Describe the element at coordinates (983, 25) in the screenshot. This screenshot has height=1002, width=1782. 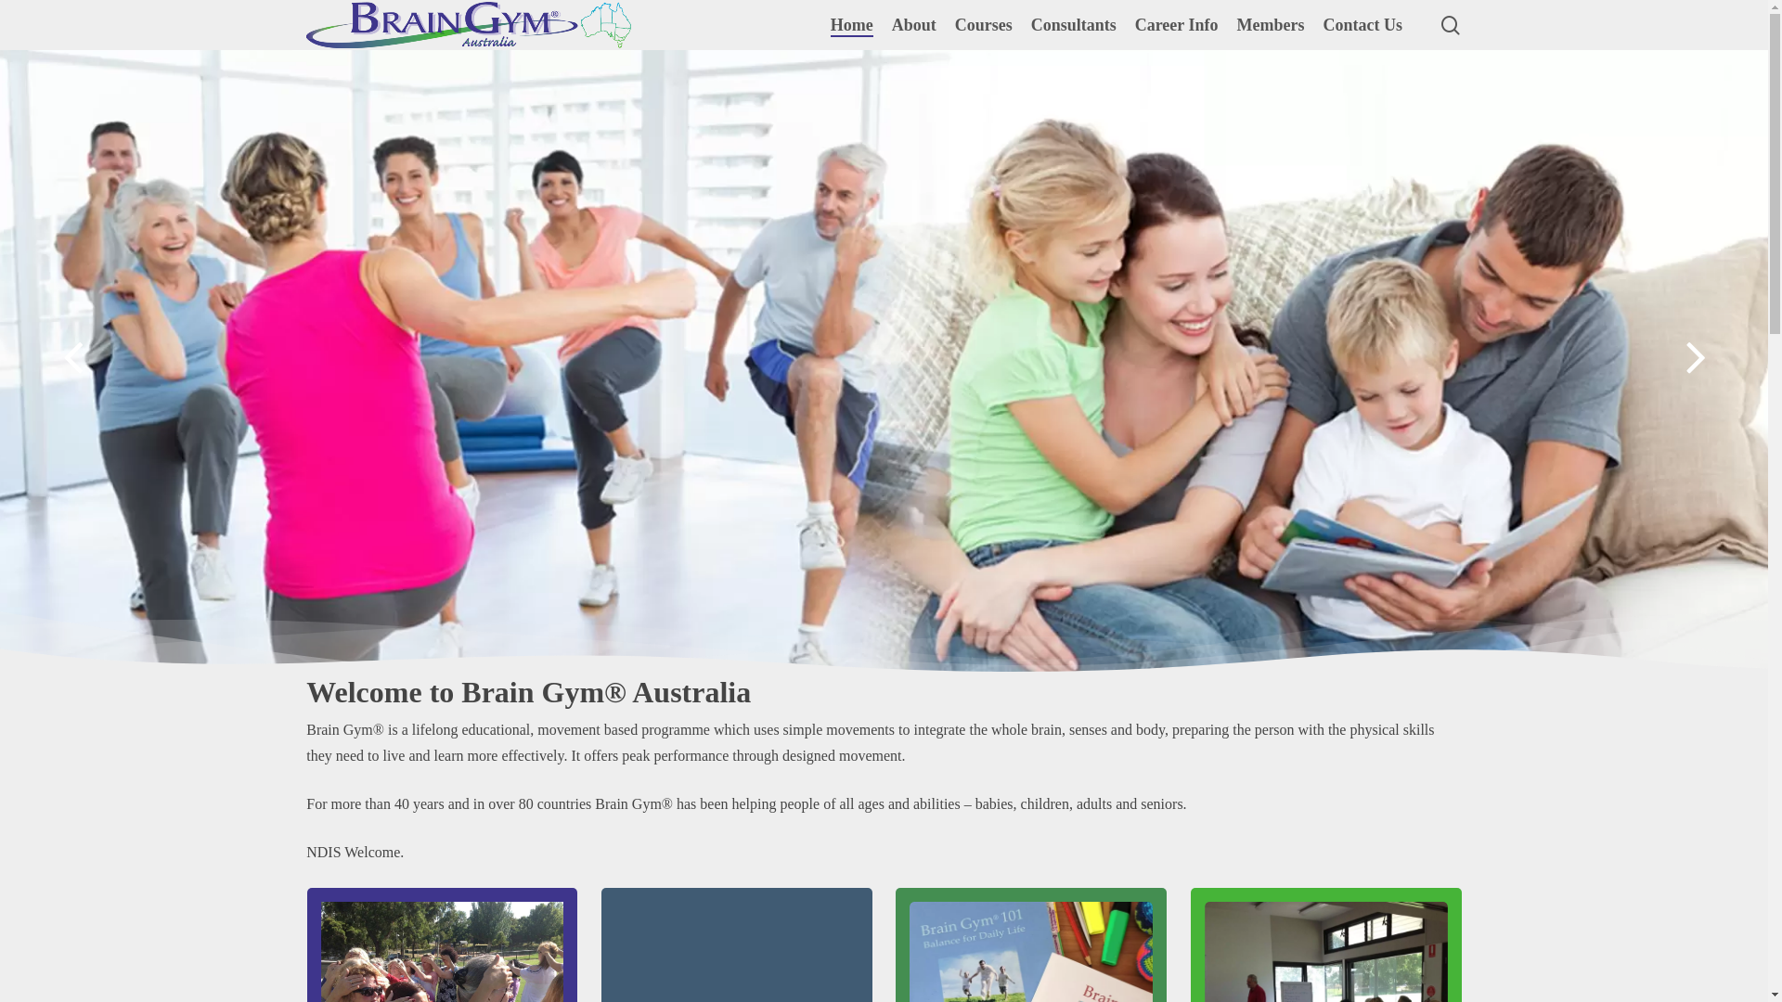
I see `'Courses'` at that location.